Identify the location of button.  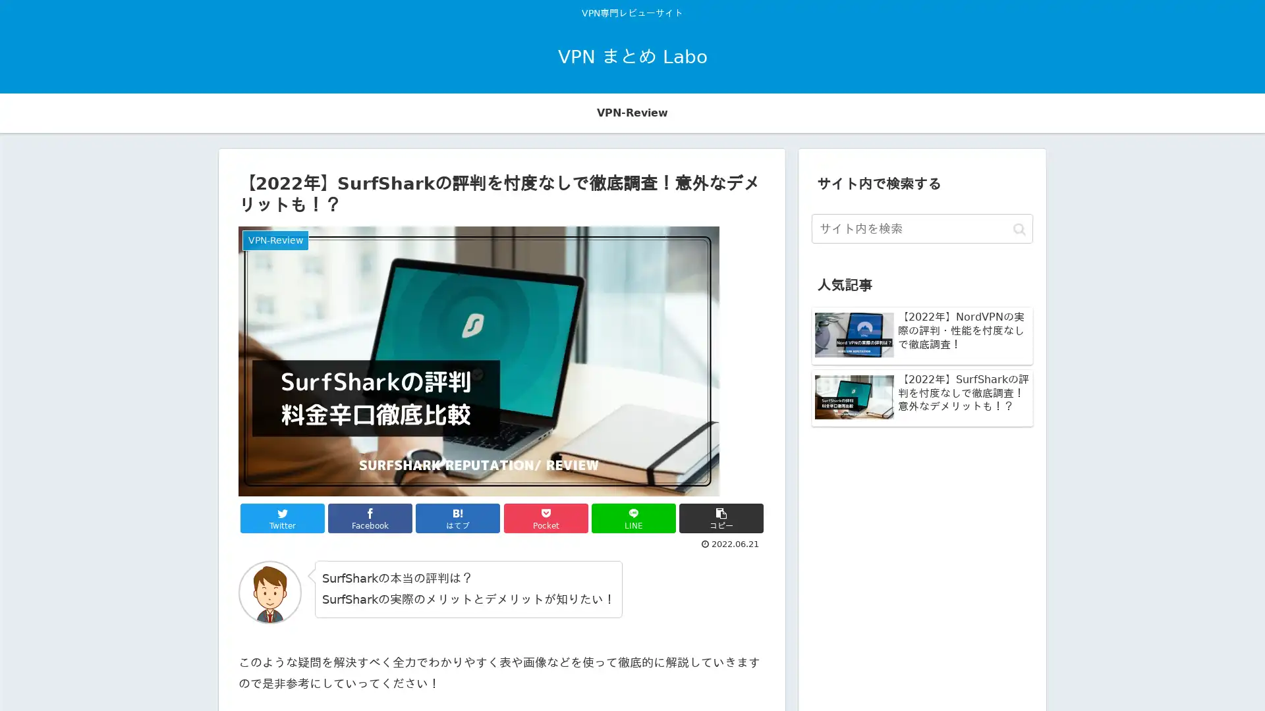
(1019, 228).